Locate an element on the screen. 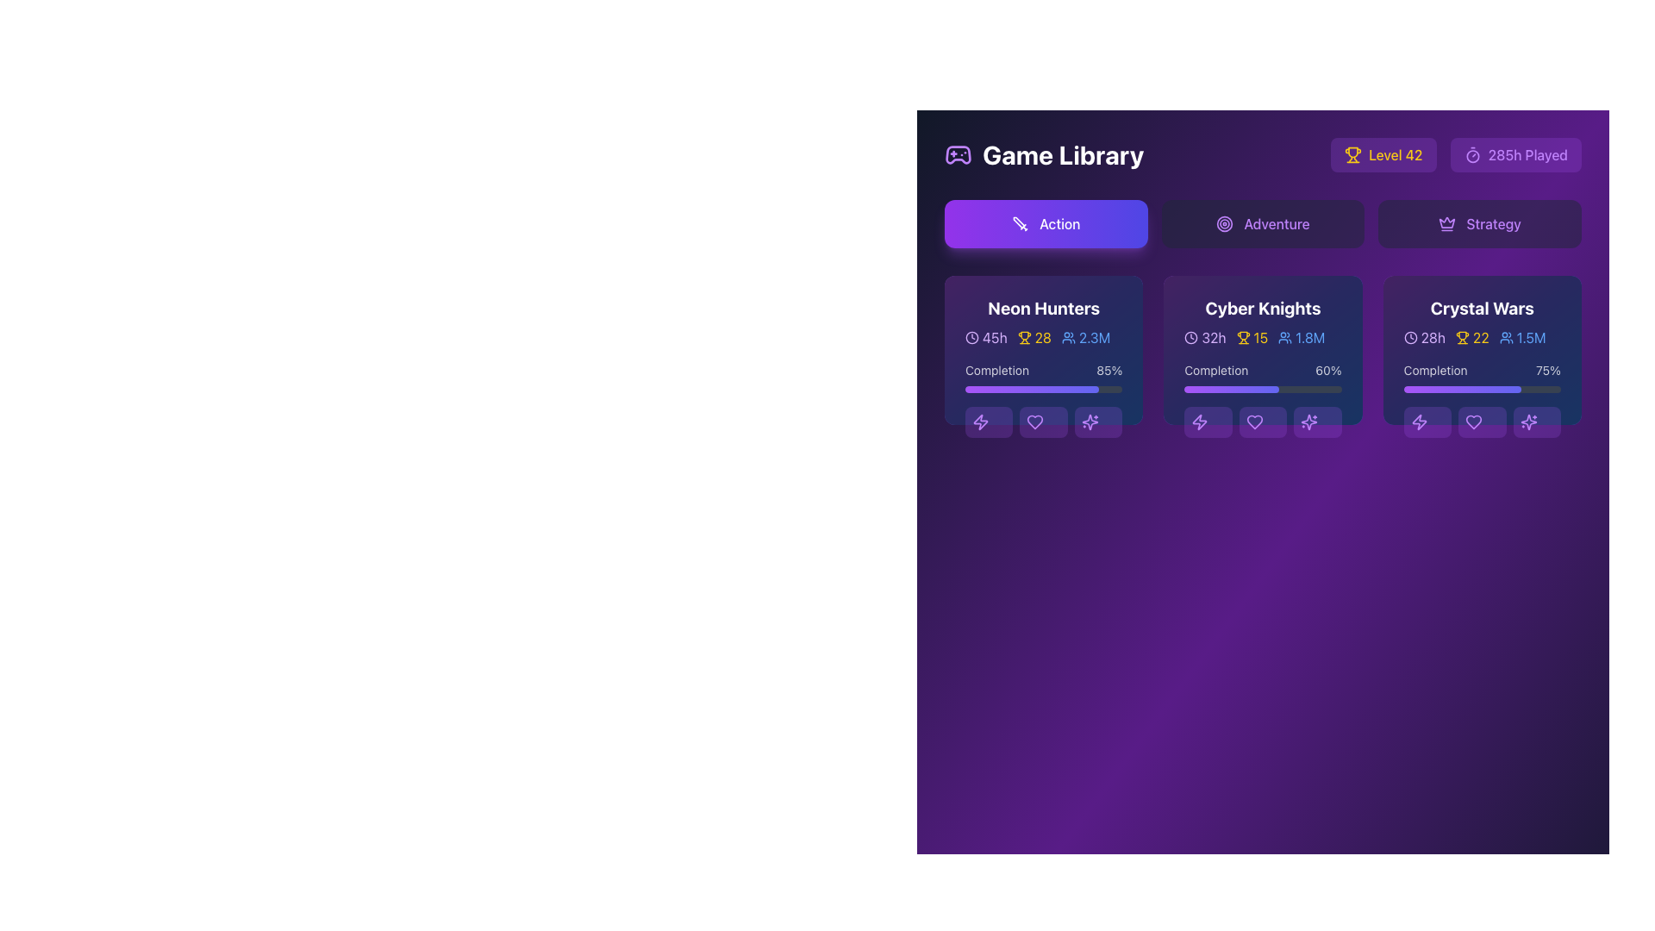 Image resolution: width=1655 pixels, height=931 pixels. the leftmost action button icon in the 'Crystal Wars' section of the third card is located at coordinates (1419, 422).